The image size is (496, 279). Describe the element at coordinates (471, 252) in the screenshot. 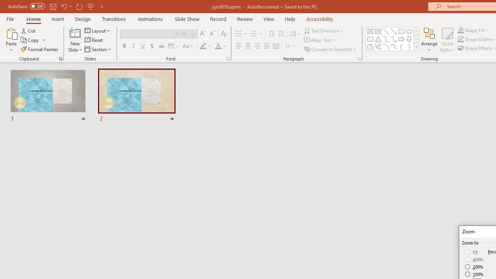

I see `'Fit'` at that location.